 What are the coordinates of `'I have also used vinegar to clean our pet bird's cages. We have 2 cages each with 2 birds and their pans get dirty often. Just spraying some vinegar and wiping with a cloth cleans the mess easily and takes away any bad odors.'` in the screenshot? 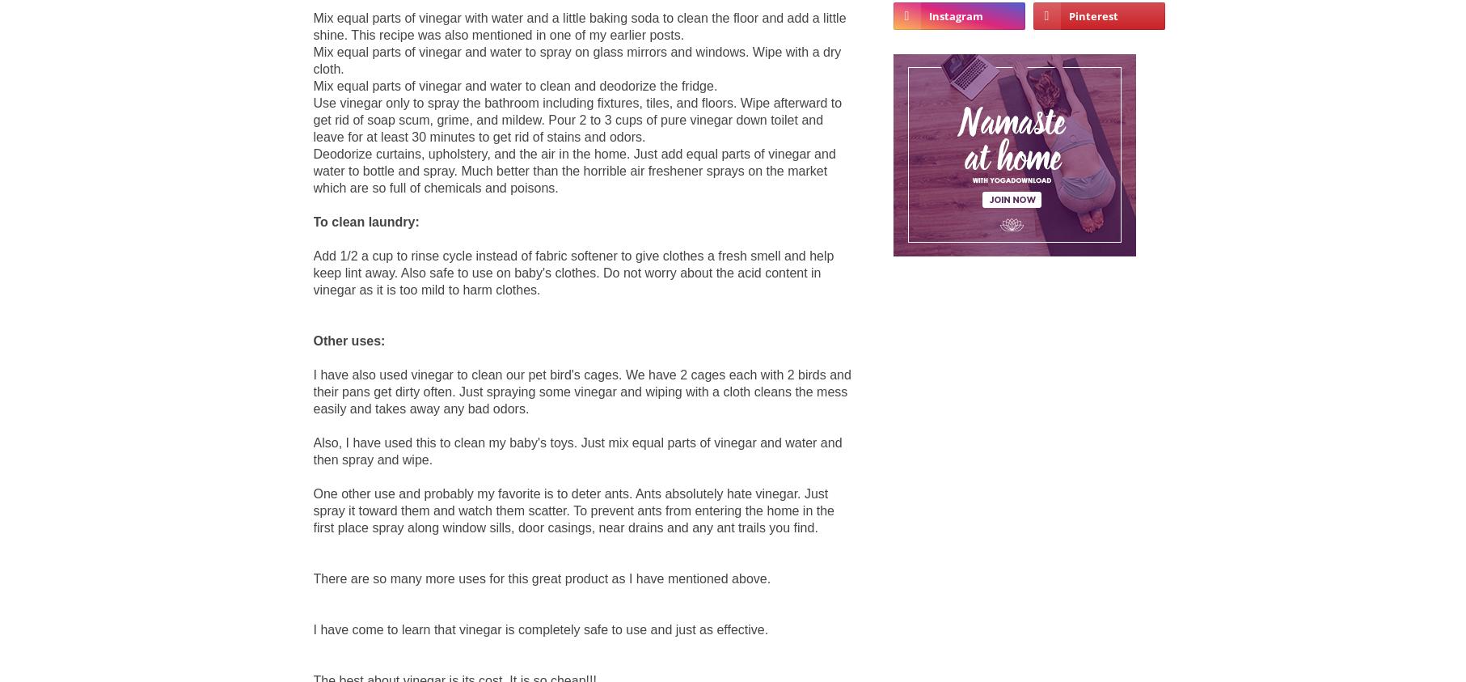 It's located at (313, 391).